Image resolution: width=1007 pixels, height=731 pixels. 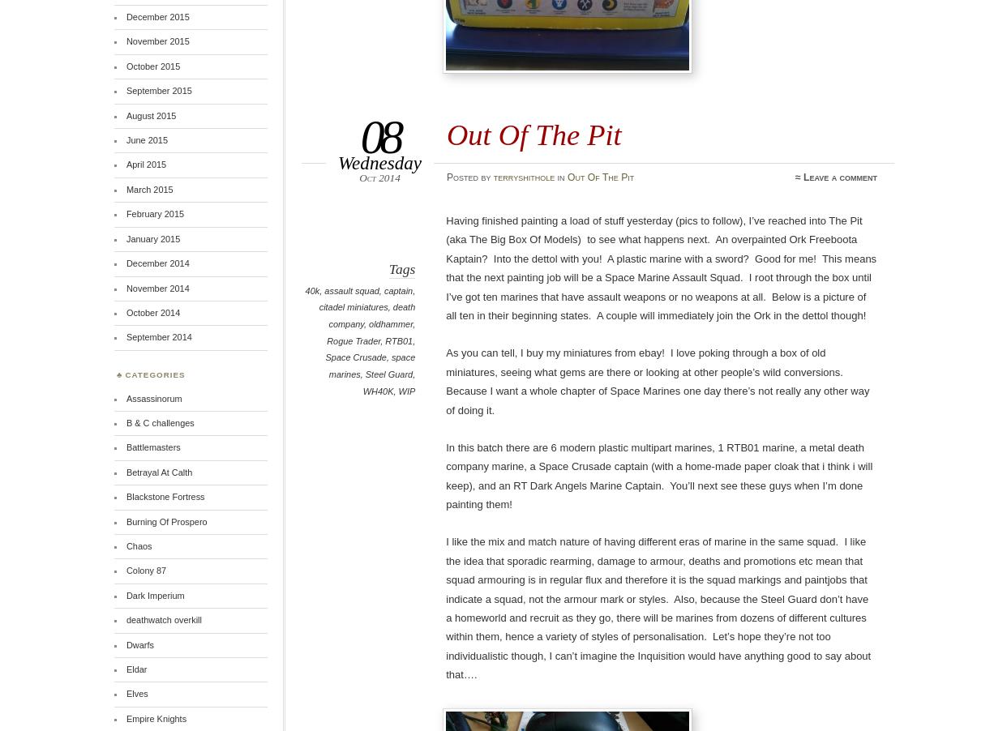 I want to click on 'Colony 87', so click(x=144, y=571).